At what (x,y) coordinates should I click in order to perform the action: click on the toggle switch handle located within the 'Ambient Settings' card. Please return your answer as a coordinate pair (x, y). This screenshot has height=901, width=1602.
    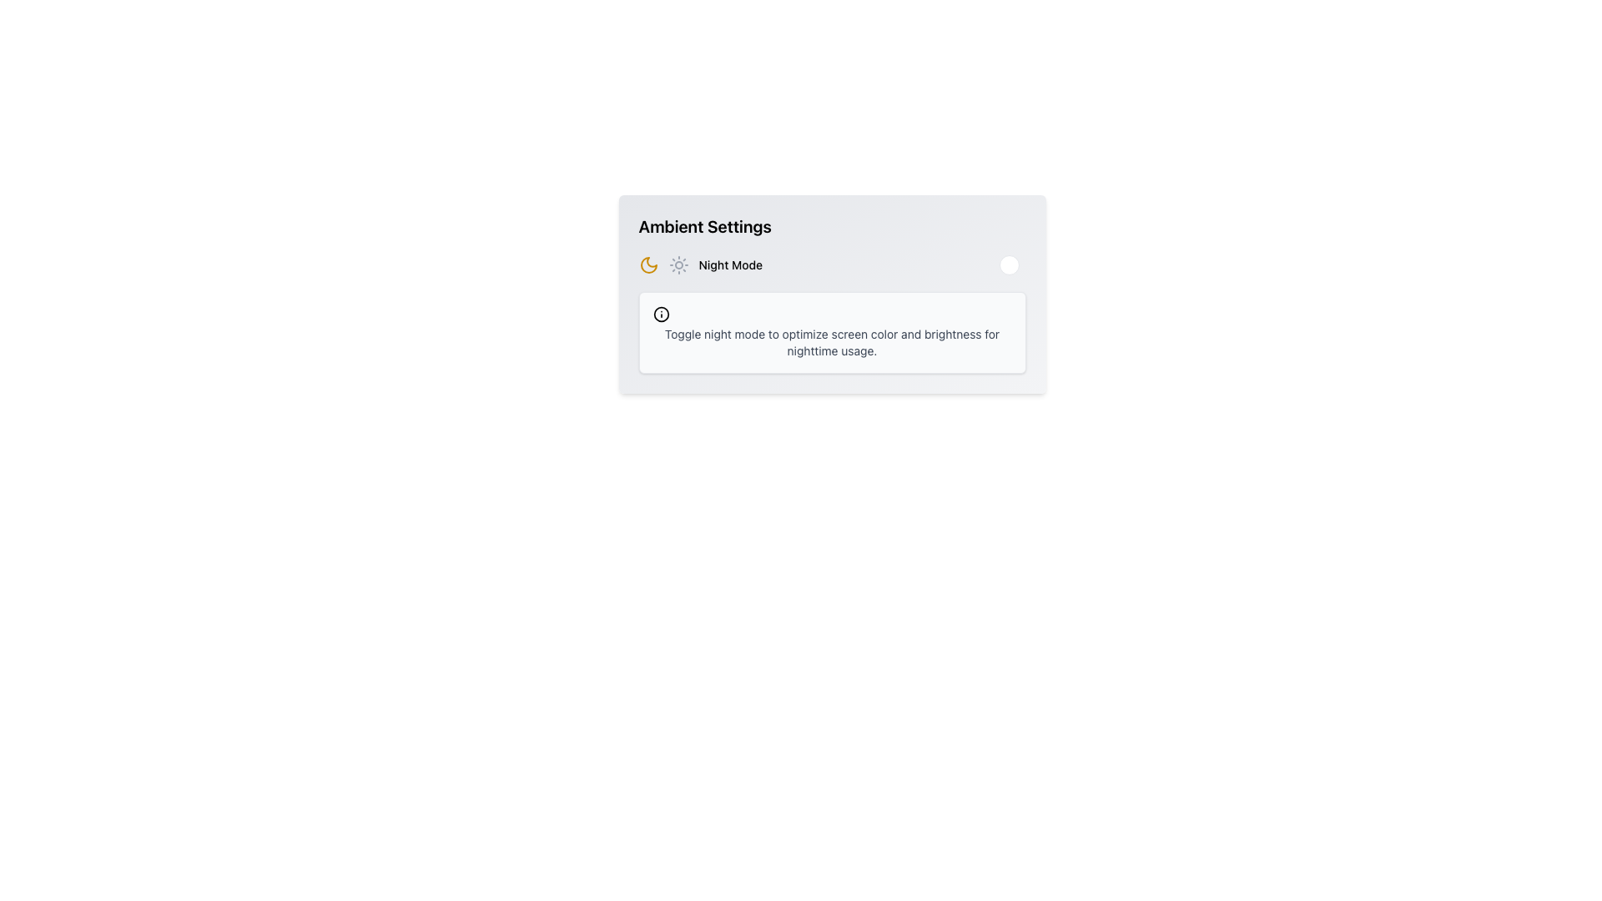
    Looking at the image, I should click on (1008, 264).